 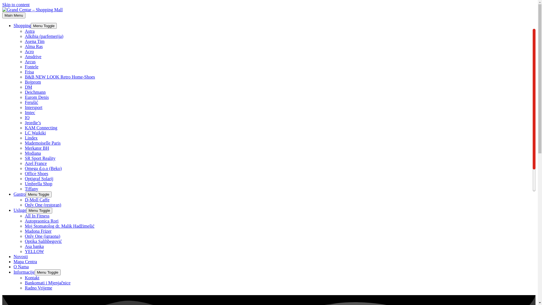 I want to click on 'Main Menu', so click(x=2, y=15).